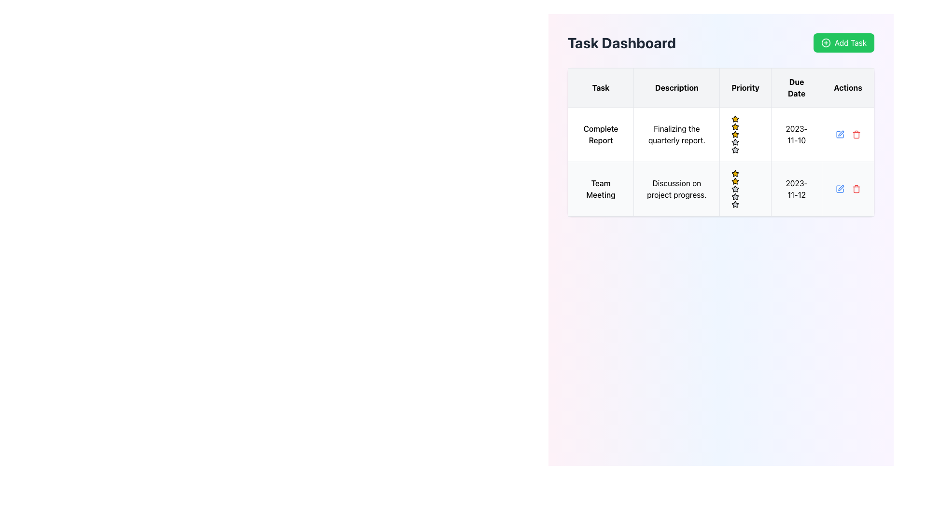 The image size is (927, 521). What do you see at coordinates (825, 42) in the screenshot?
I see `the SVG Circle element that visually represents the circular part of the 'plus' icon within the green 'Add Task' button located at the top-right corner of the interface` at bounding box center [825, 42].